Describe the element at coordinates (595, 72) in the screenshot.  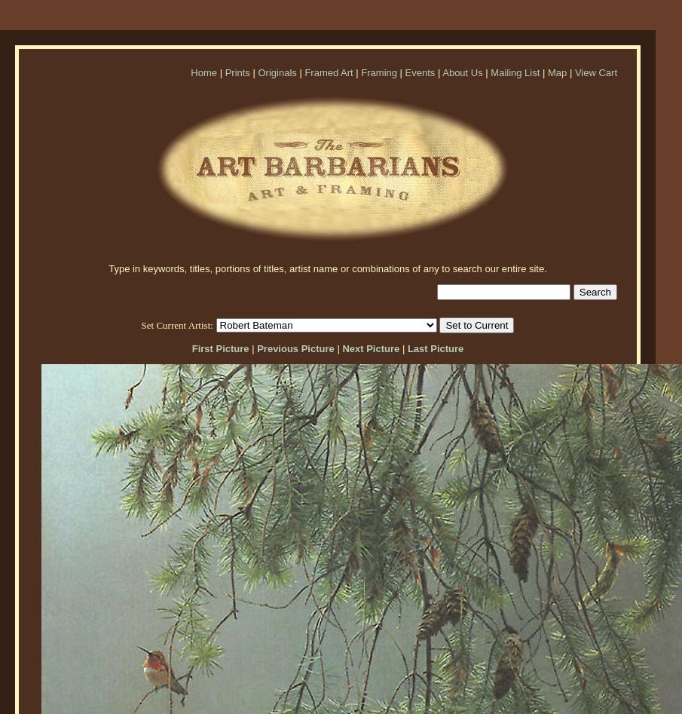
I see `'View Cart'` at that location.